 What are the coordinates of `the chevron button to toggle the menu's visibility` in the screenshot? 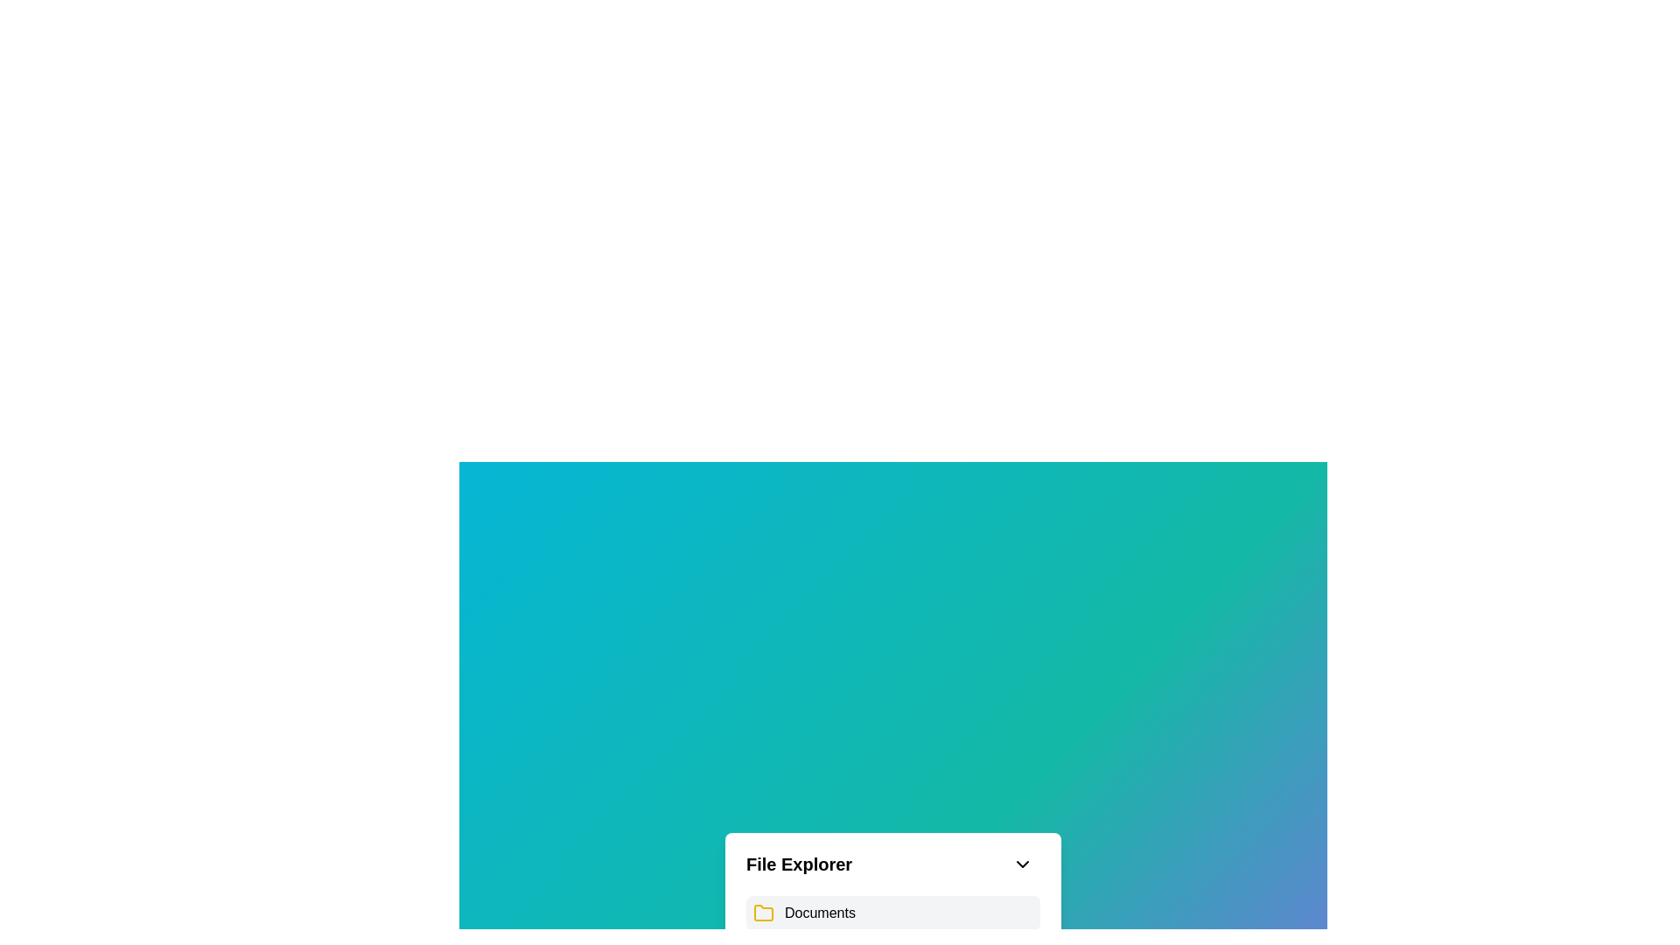 It's located at (1023, 863).